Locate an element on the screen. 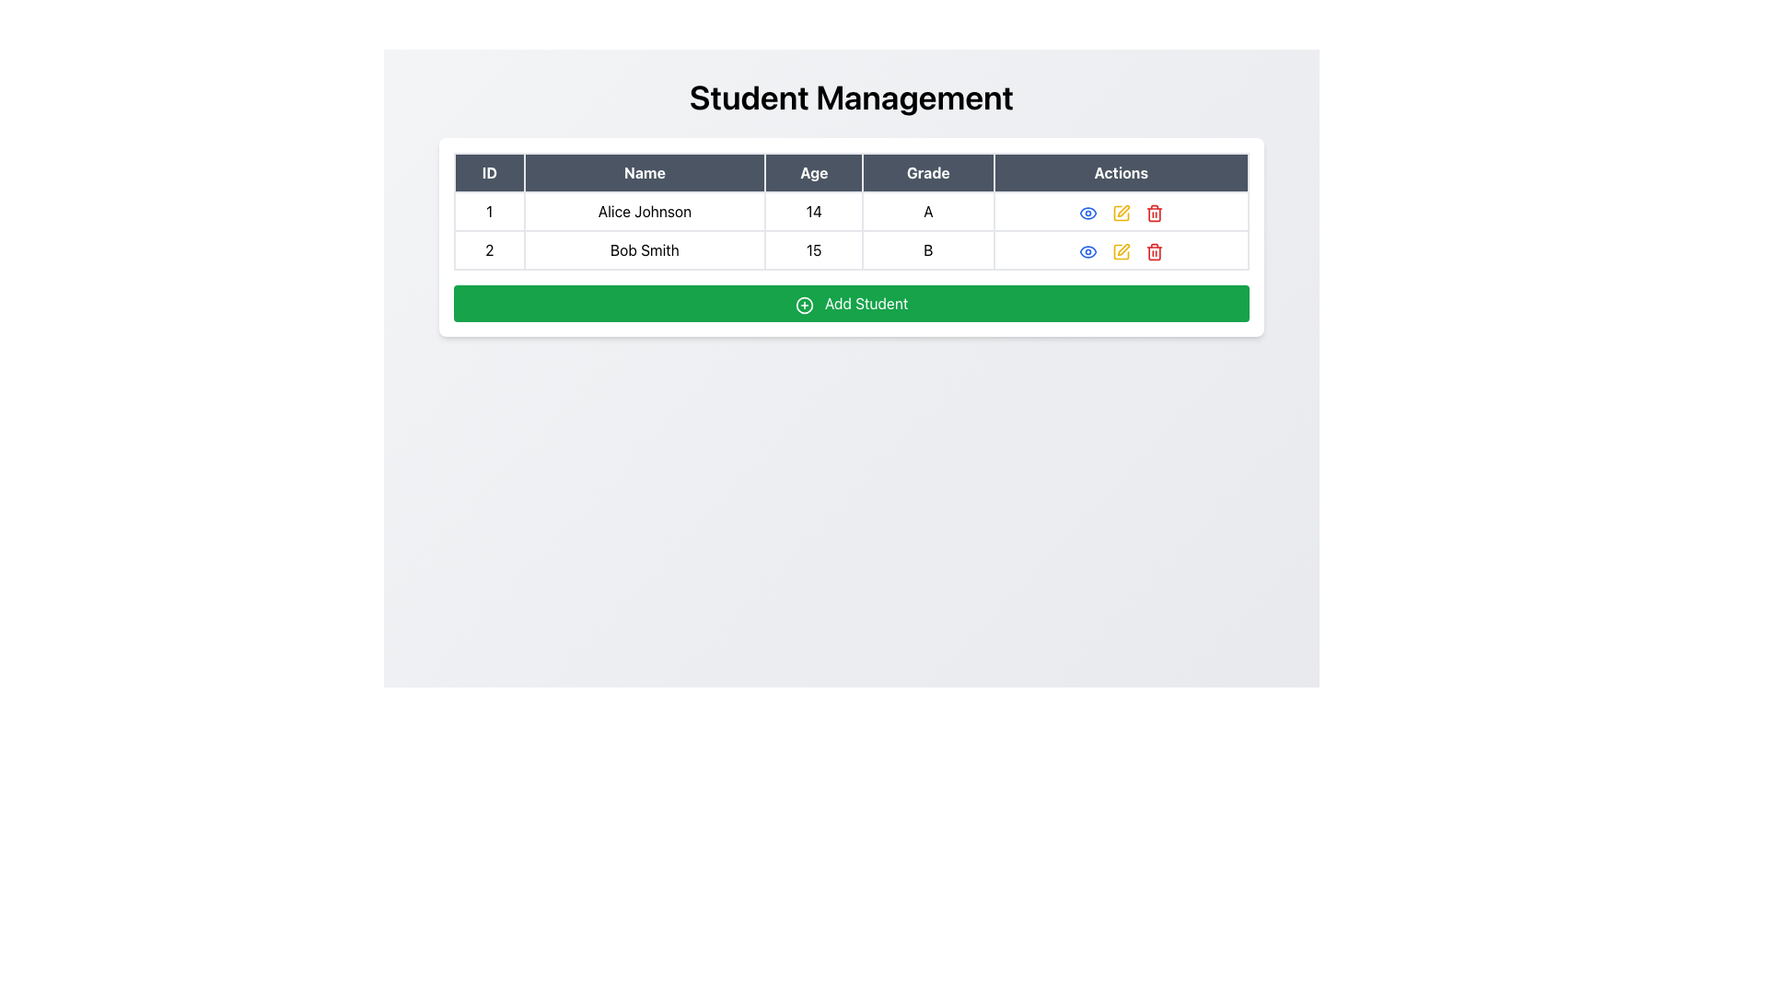 The image size is (1768, 994). the yellow pencil icon button for editing in the 'Actions' column of the first row of the table is located at coordinates (1120, 211).